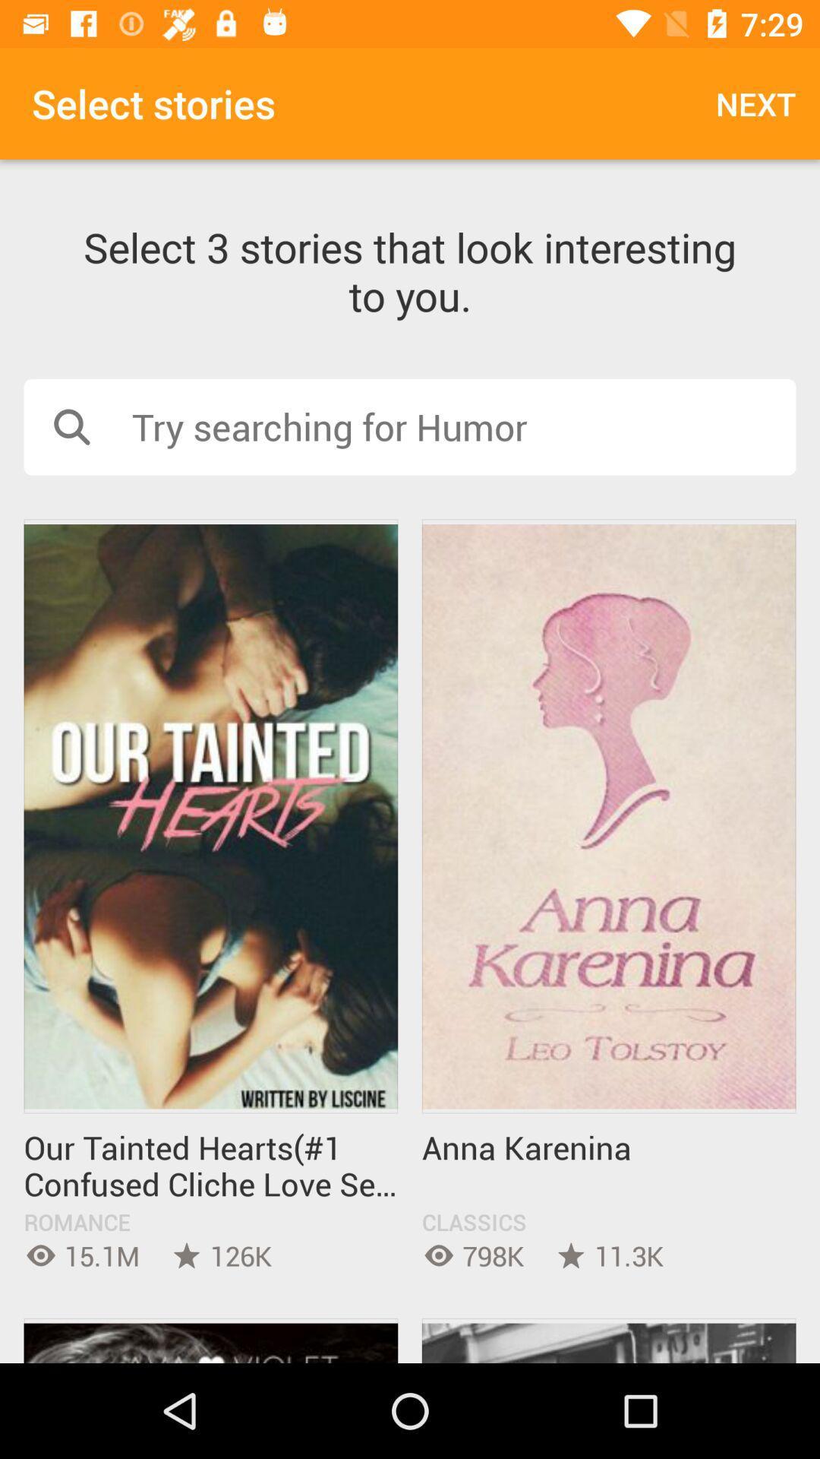 This screenshot has width=820, height=1459. I want to click on the icon to the right of the select stories item, so click(755, 103).